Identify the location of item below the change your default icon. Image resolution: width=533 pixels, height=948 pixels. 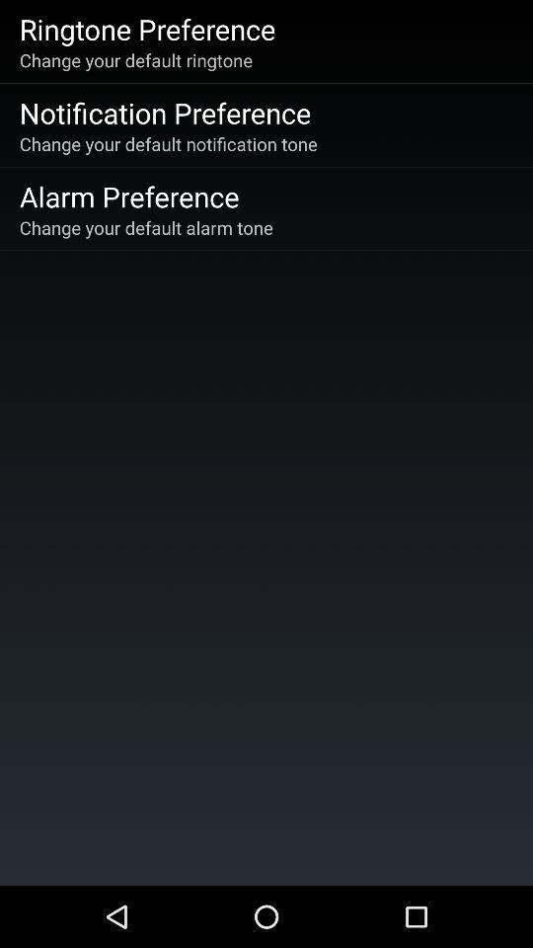
(164, 113).